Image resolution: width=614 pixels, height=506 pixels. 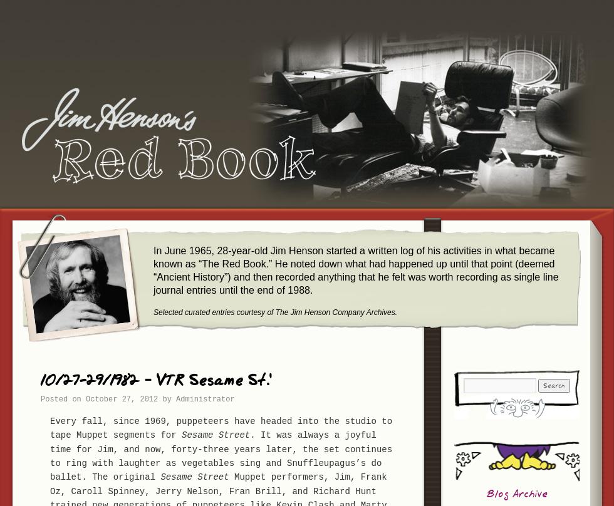 What do you see at coordinates (40, 381) in the screenshot?
I see `'10/27-29/1982 – ‘VTR Sesame St.’'` at bounding box center [40, 381].